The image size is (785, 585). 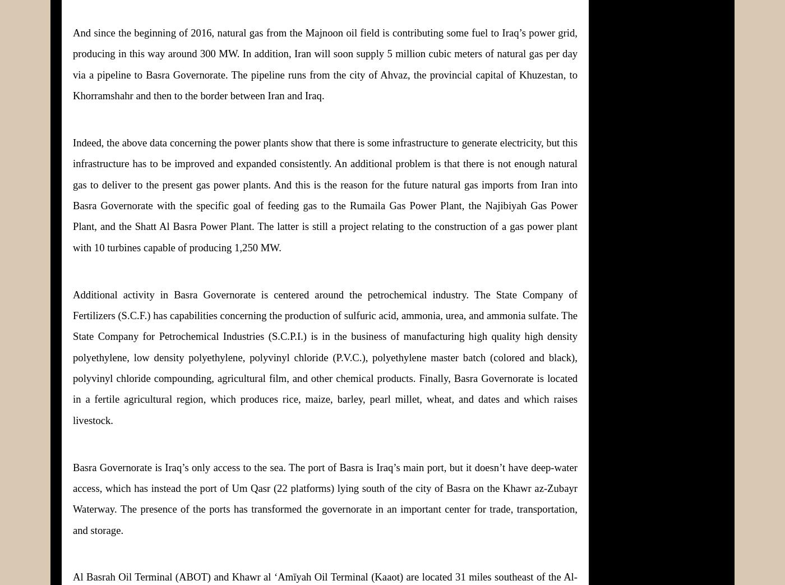 What do you see at coordinates (73, 399) in the screenshot?
I see `'Basra Governorate is located in a fertile agricultural
region, which produces rice, maize, barley, pearl millet, wheat, and dates and
which raises livestock.'` at bounding box center [73, 399].